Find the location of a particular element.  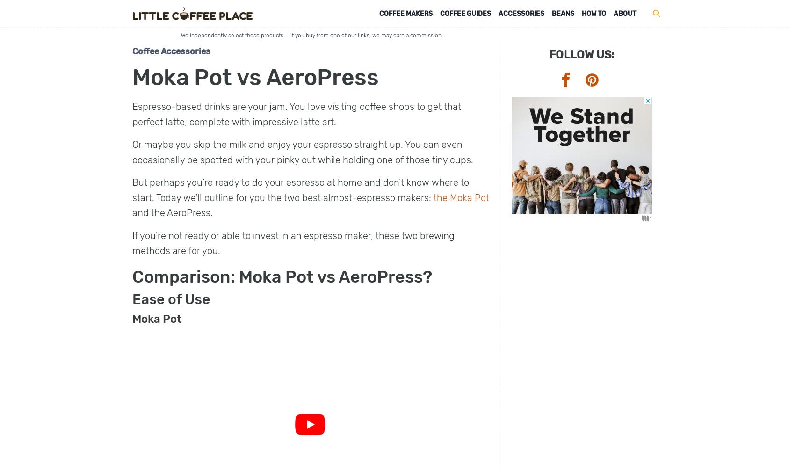

'If you’re not ready or able to invest in an espresso maker, these two brewing methods are for you.' is located at coordinates (293, 243).